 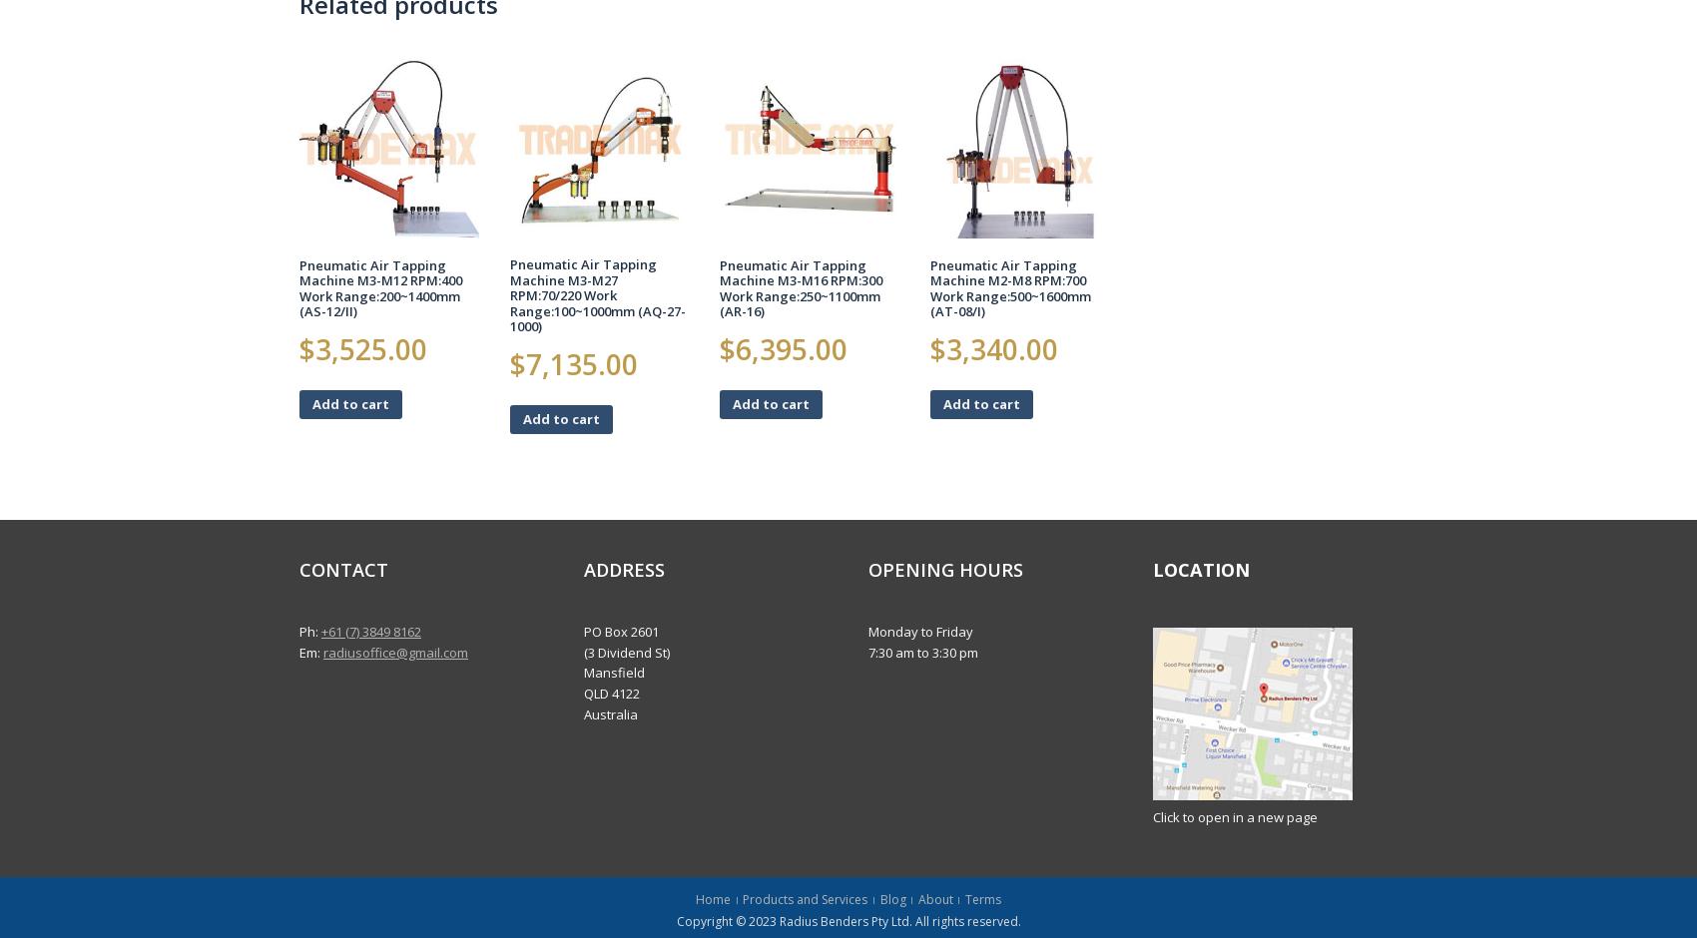 I want to click on 'QLD 4122', so click(x=611, y=693).